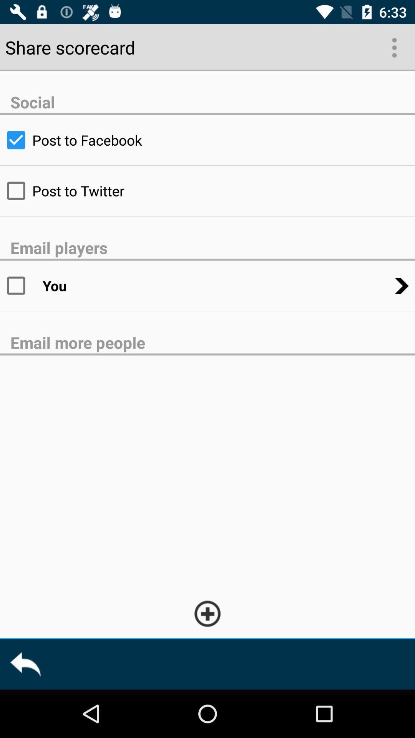 The height and width of the screenshot is (738, 415). What do you see at coordinates (21, 285) in the screenshot?
I see `you` at bounding box center [21, 285].